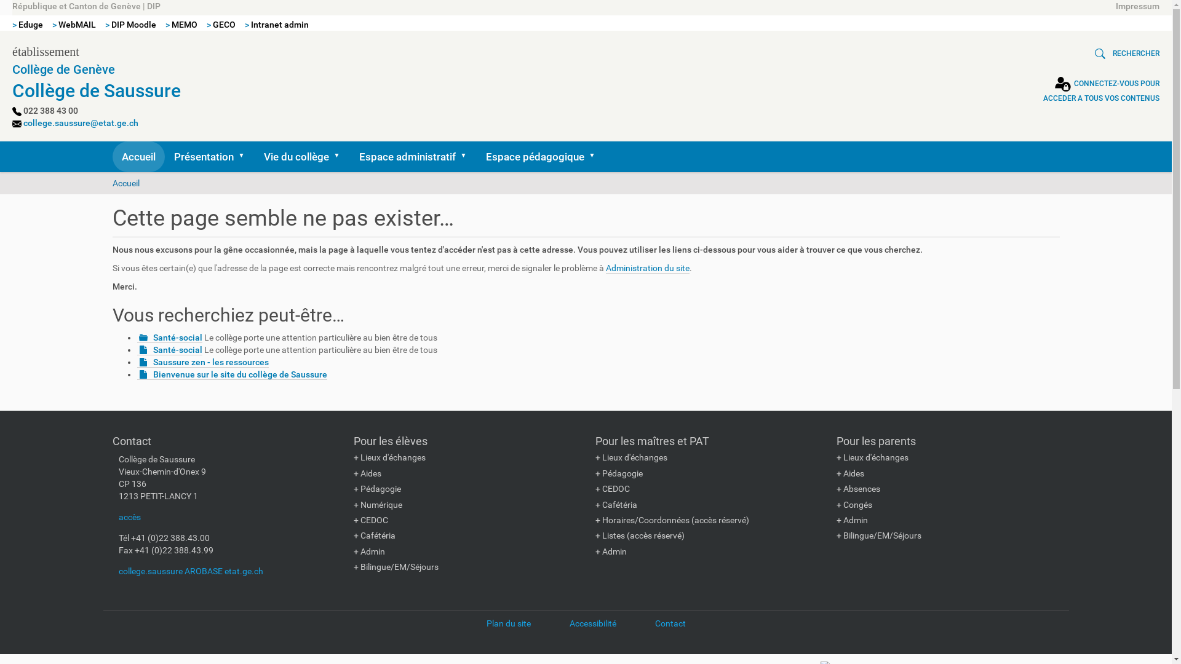 This screenshot has width=1181, height=664. What do you see at coordinates (125, 183) in the screenshot?
I see `'Accueil'` at bounding box center [125, 183].